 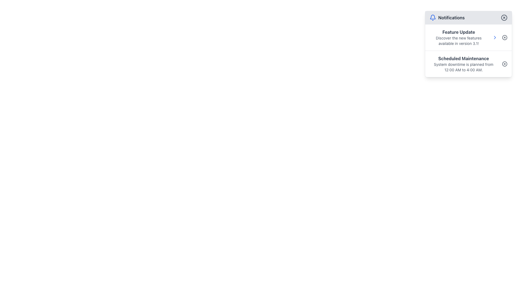 I want to click on the text label indicating the purpose of the adjacent blue bell icon for notifications, so click(x=451, y=17).